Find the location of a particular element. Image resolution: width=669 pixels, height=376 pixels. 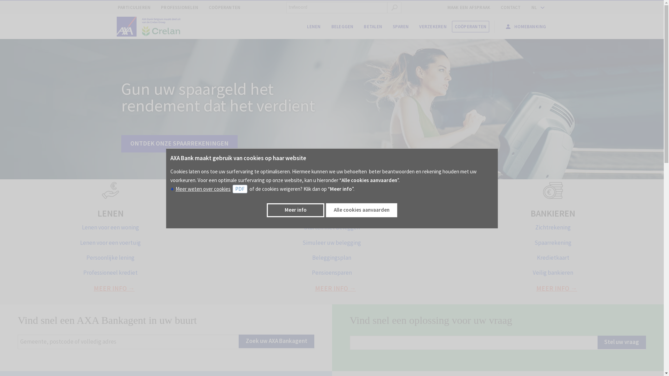

'SPAREN' is located at coordinates (401, 26).